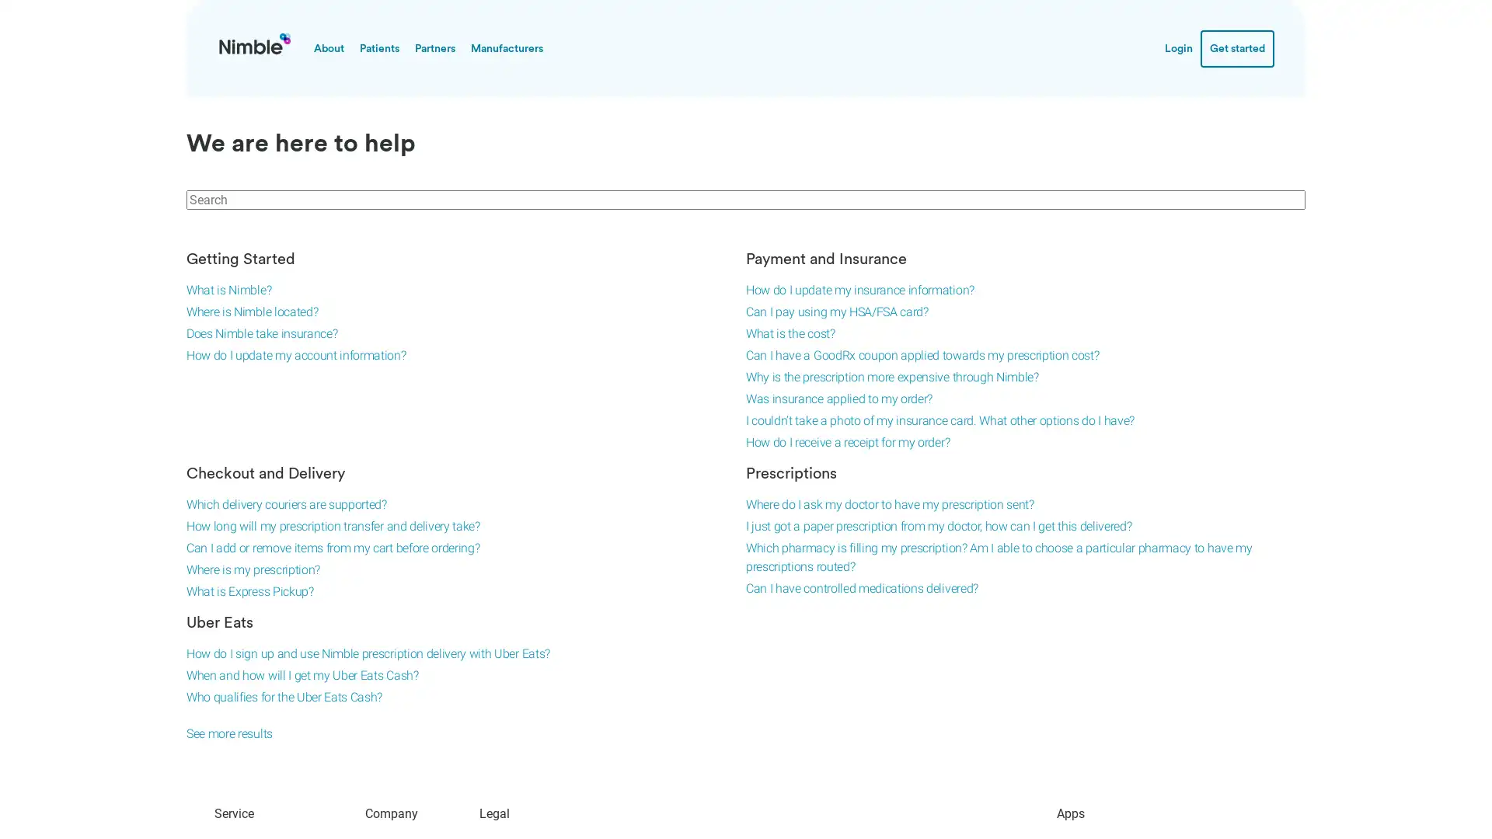 This screenshot has width=1492, height=839. What do you see at coordinates (435, 47) in the screenshot?
I see `Partners` at bounding box center [435, 47].